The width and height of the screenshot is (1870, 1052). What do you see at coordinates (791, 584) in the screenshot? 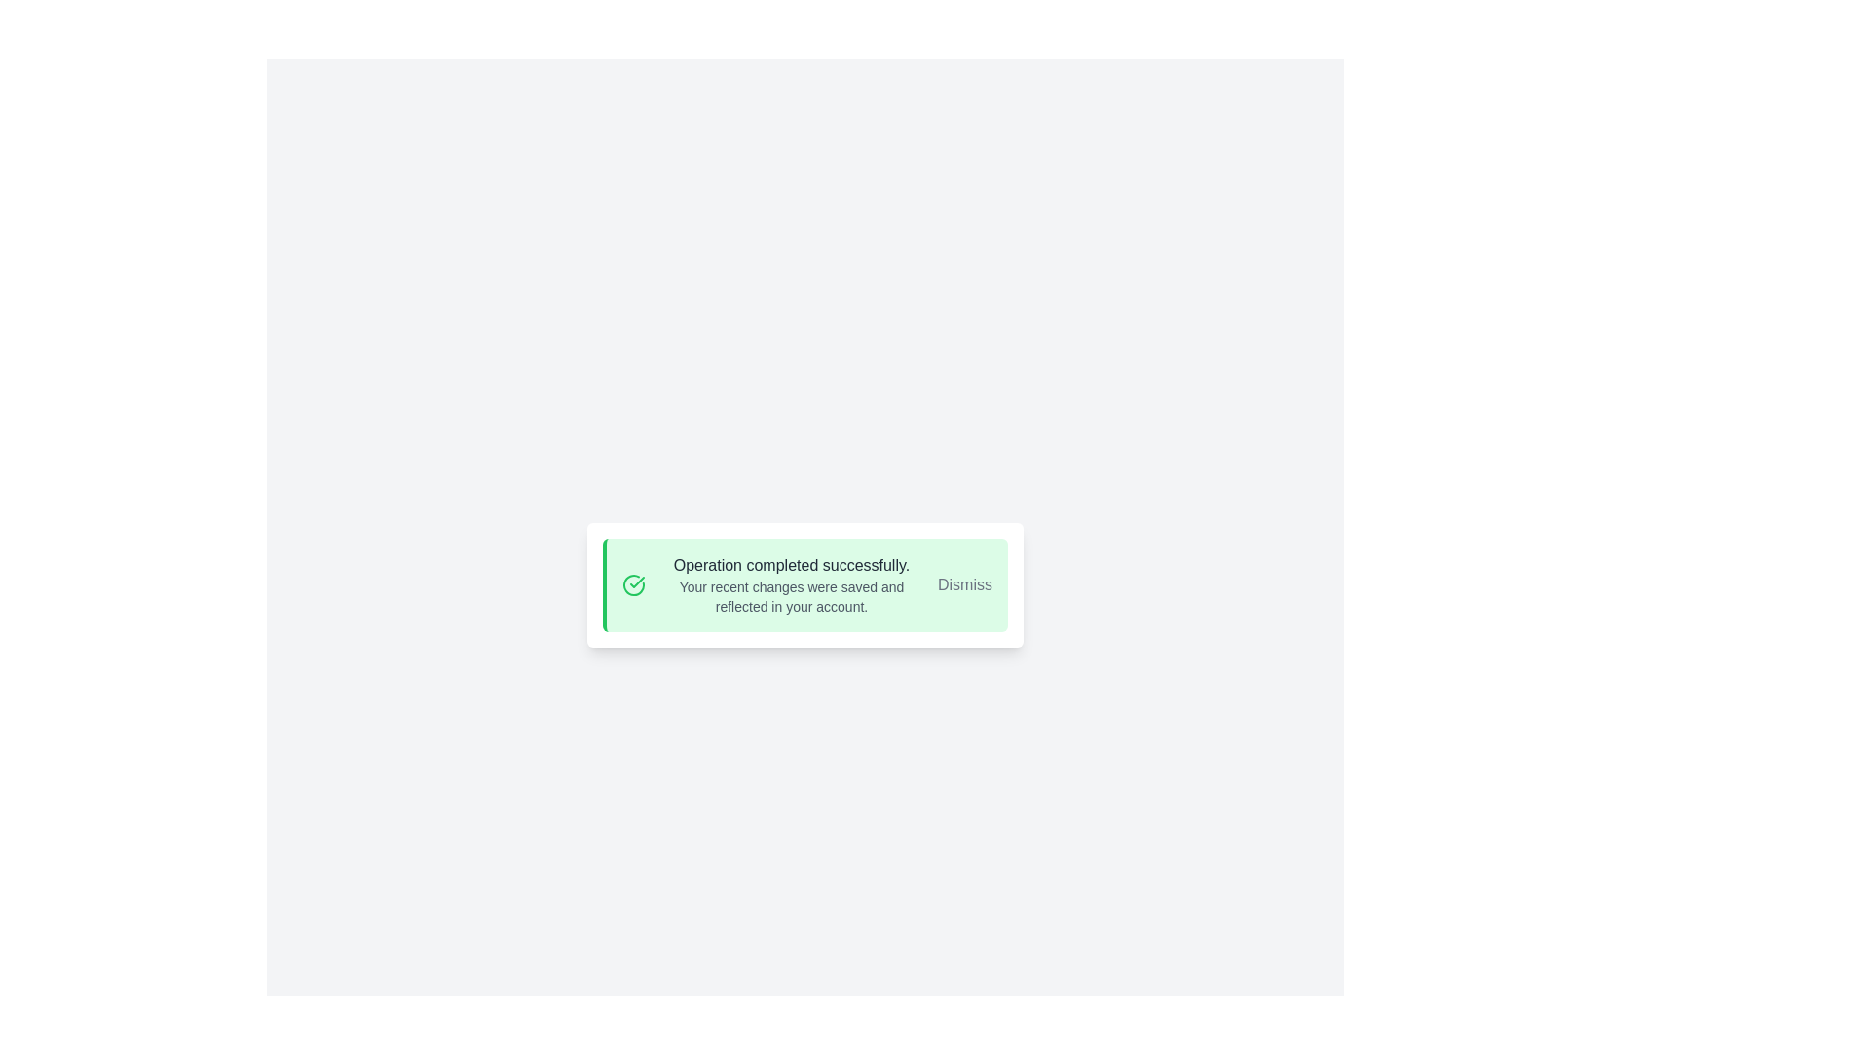
I see `the text label within the notification card that states 'Operation completed successfully.' and provides additional details about changes saved in the account` at bounding box center [791, 584].